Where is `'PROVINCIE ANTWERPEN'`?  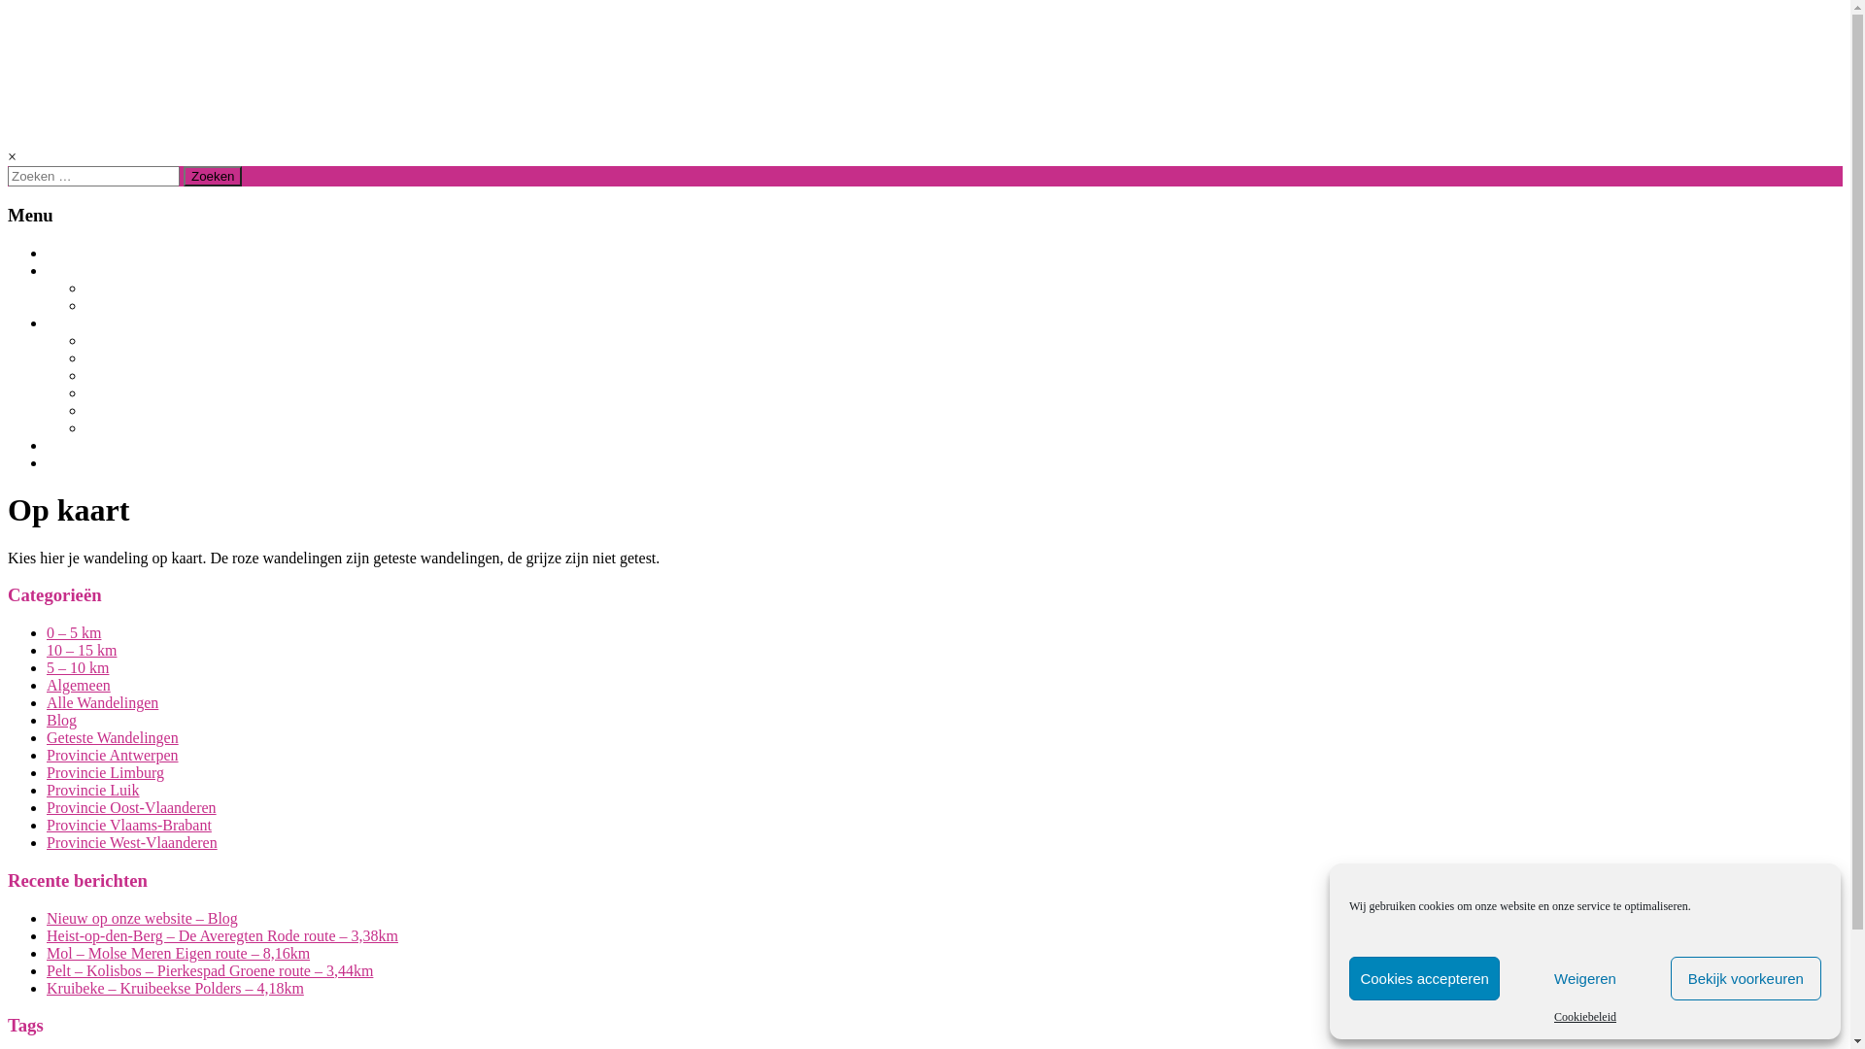 'PROVINCIE ANTWERPEN' is located at coordinates (168, 358).